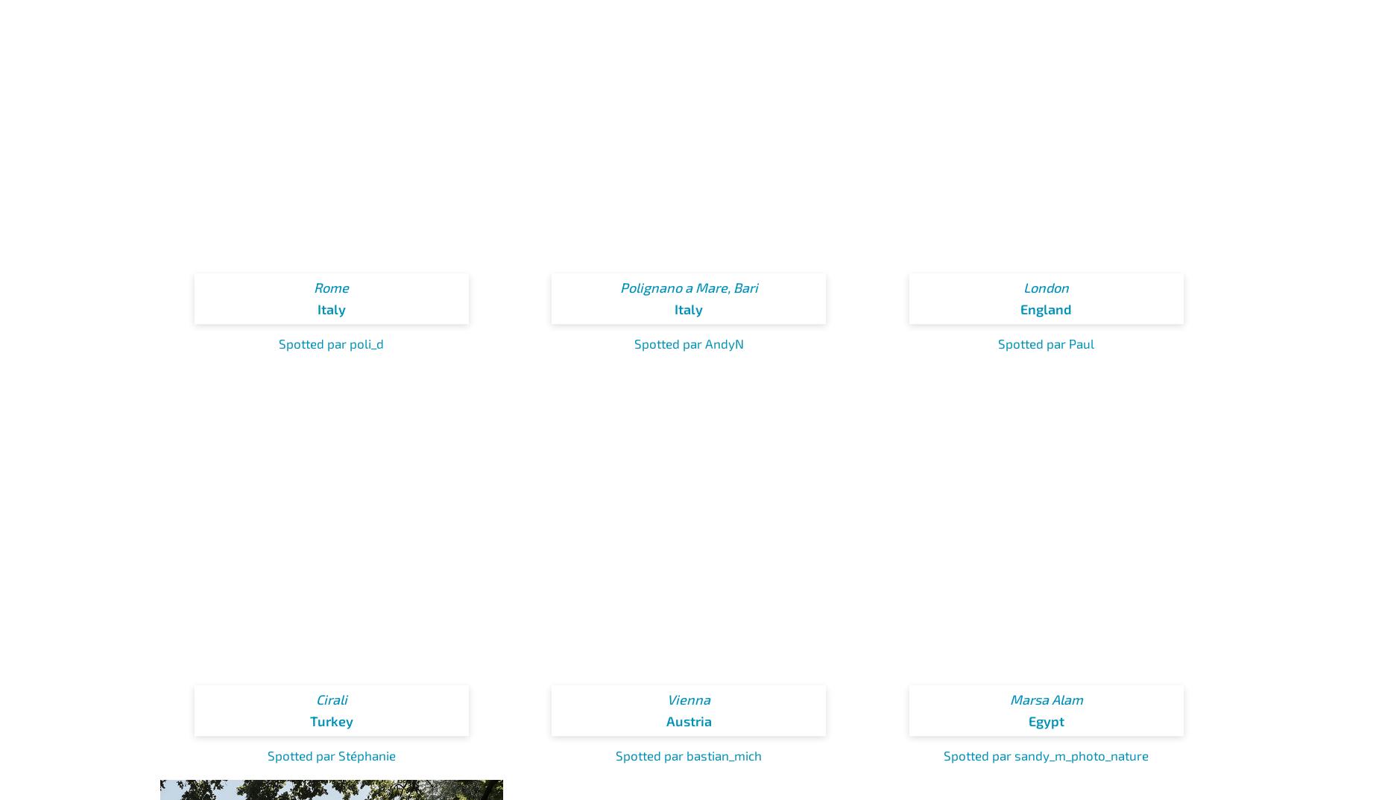  Describe the element at coordinates (330, 342) in the screenshot. I see `'Spotted par poli_d'` at that location.